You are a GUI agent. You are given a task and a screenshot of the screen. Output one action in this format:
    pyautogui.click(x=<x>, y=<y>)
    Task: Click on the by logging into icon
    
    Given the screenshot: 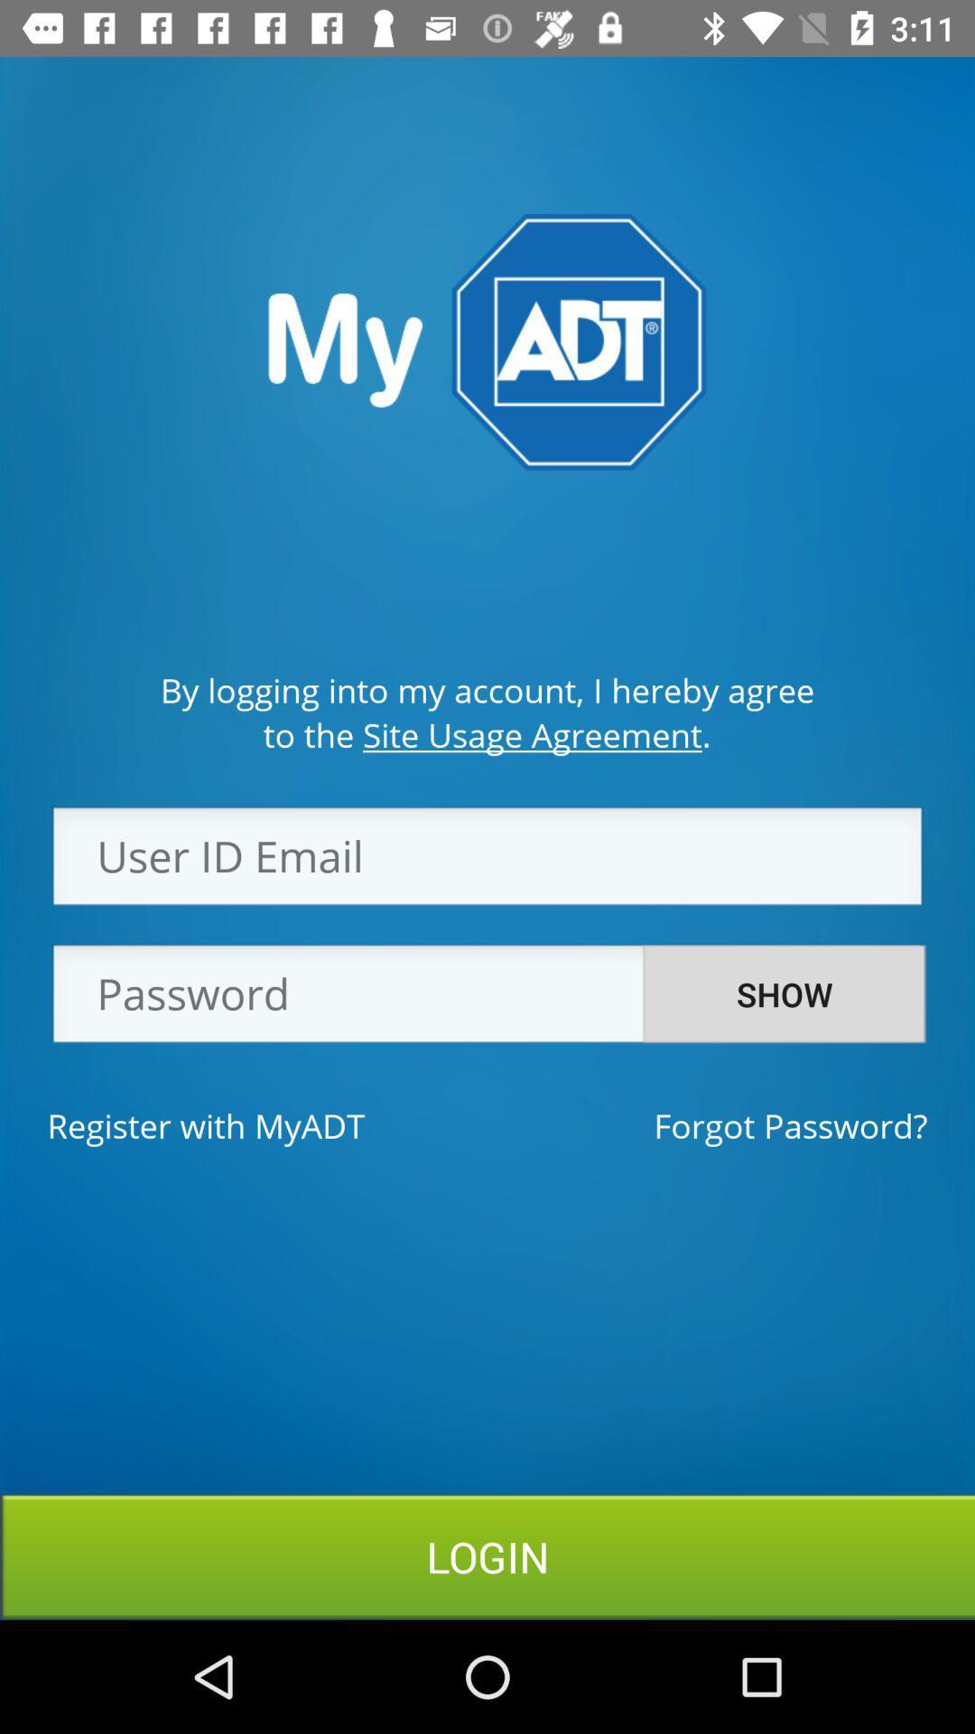 What is the action you would take?
    pyautogui.click(x=487, y=689)
    